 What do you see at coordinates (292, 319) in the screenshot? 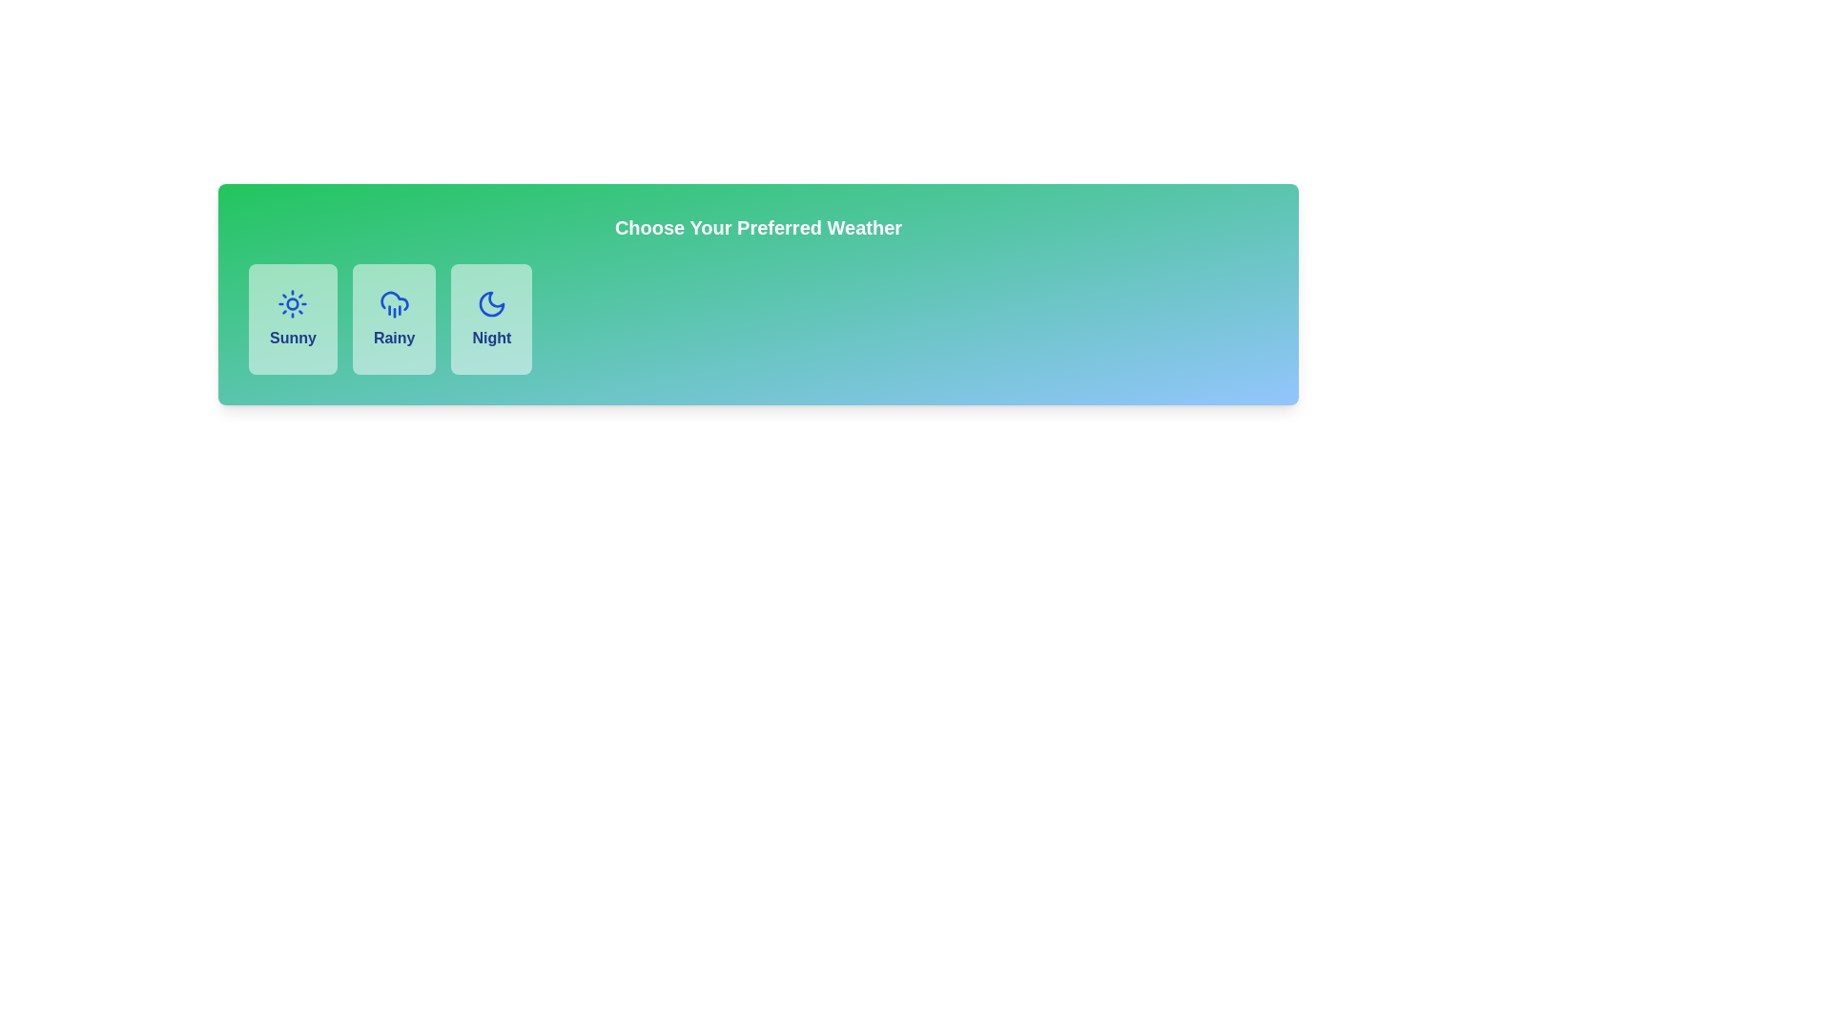
I see `the selectable card element for 'Sunny' weather, which is a rounded rectangular card with a light green background and a sun icon at the top` at bounding box center [292, 319].